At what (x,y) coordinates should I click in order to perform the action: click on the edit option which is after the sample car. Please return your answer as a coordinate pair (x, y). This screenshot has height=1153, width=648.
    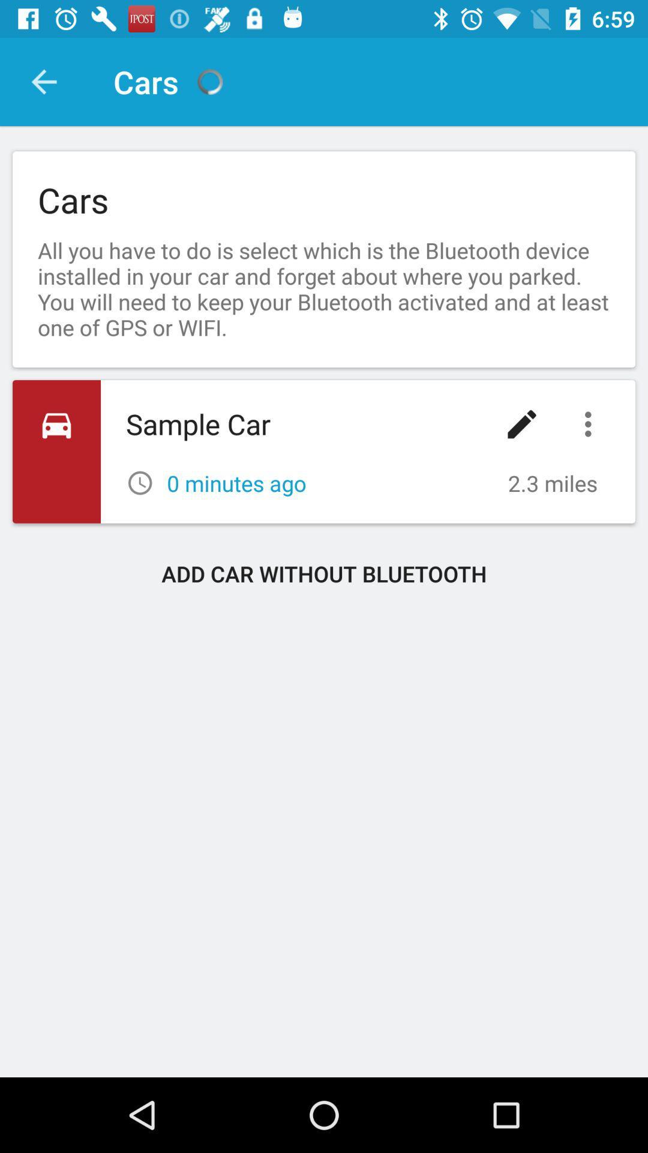
    Looking at the image, I should click on (521, 424).